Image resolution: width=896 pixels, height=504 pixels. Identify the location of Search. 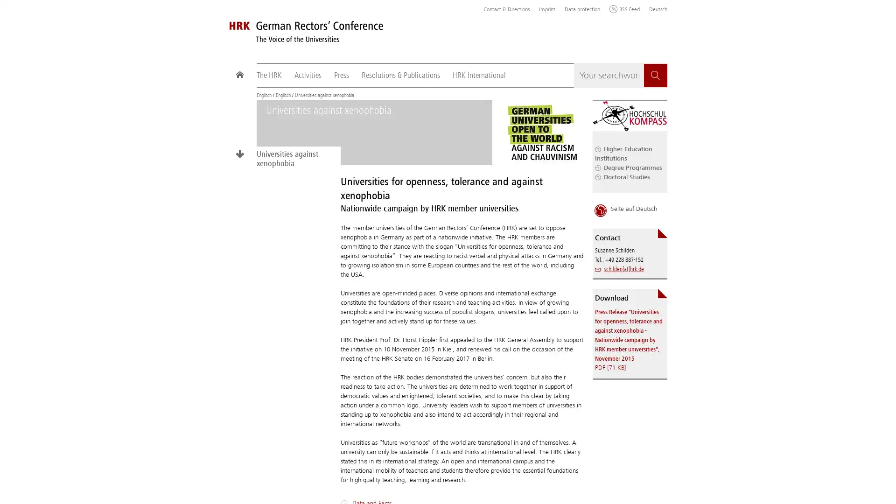
(655, 75).